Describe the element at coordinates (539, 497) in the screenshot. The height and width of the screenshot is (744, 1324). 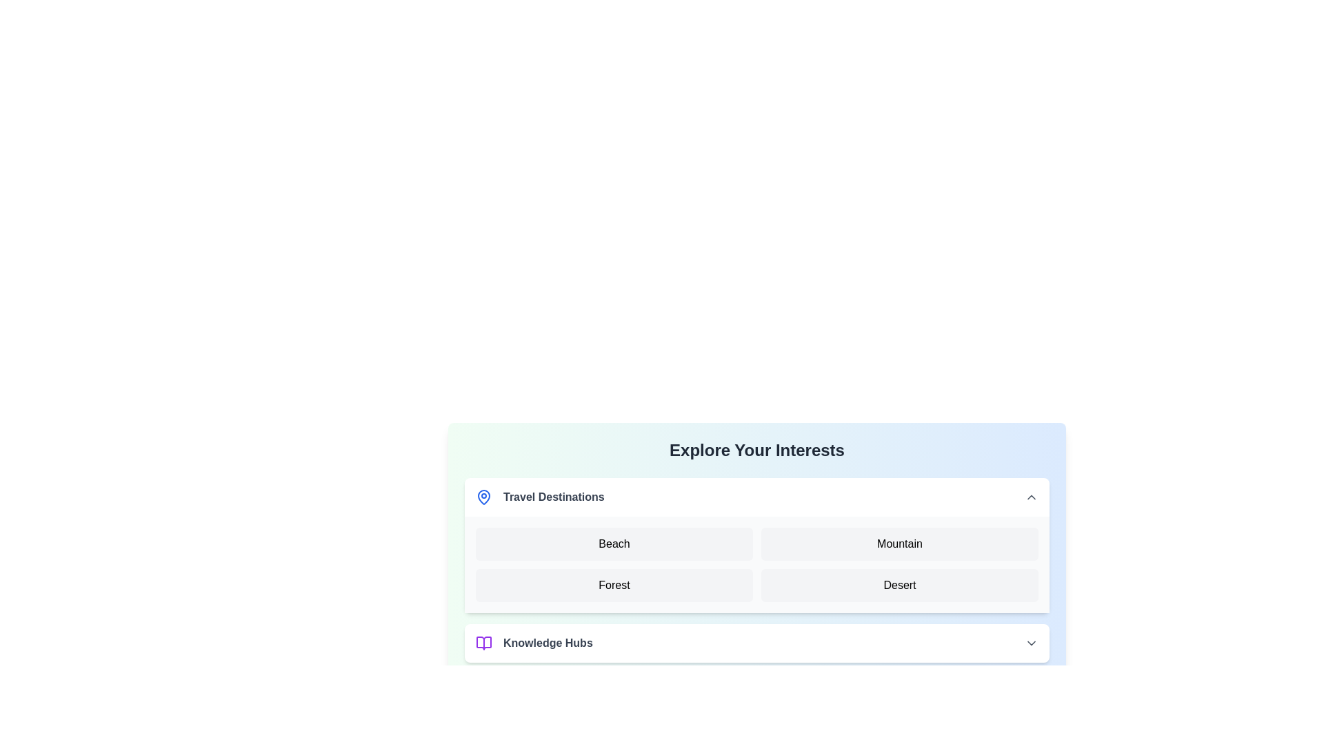
I see `the 'Travel Destinations' text label with a blue map pin icon` at that location.